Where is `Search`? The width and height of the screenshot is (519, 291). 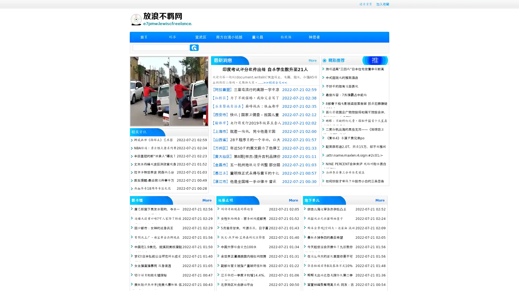
Search is located at coordinates (194, 47).